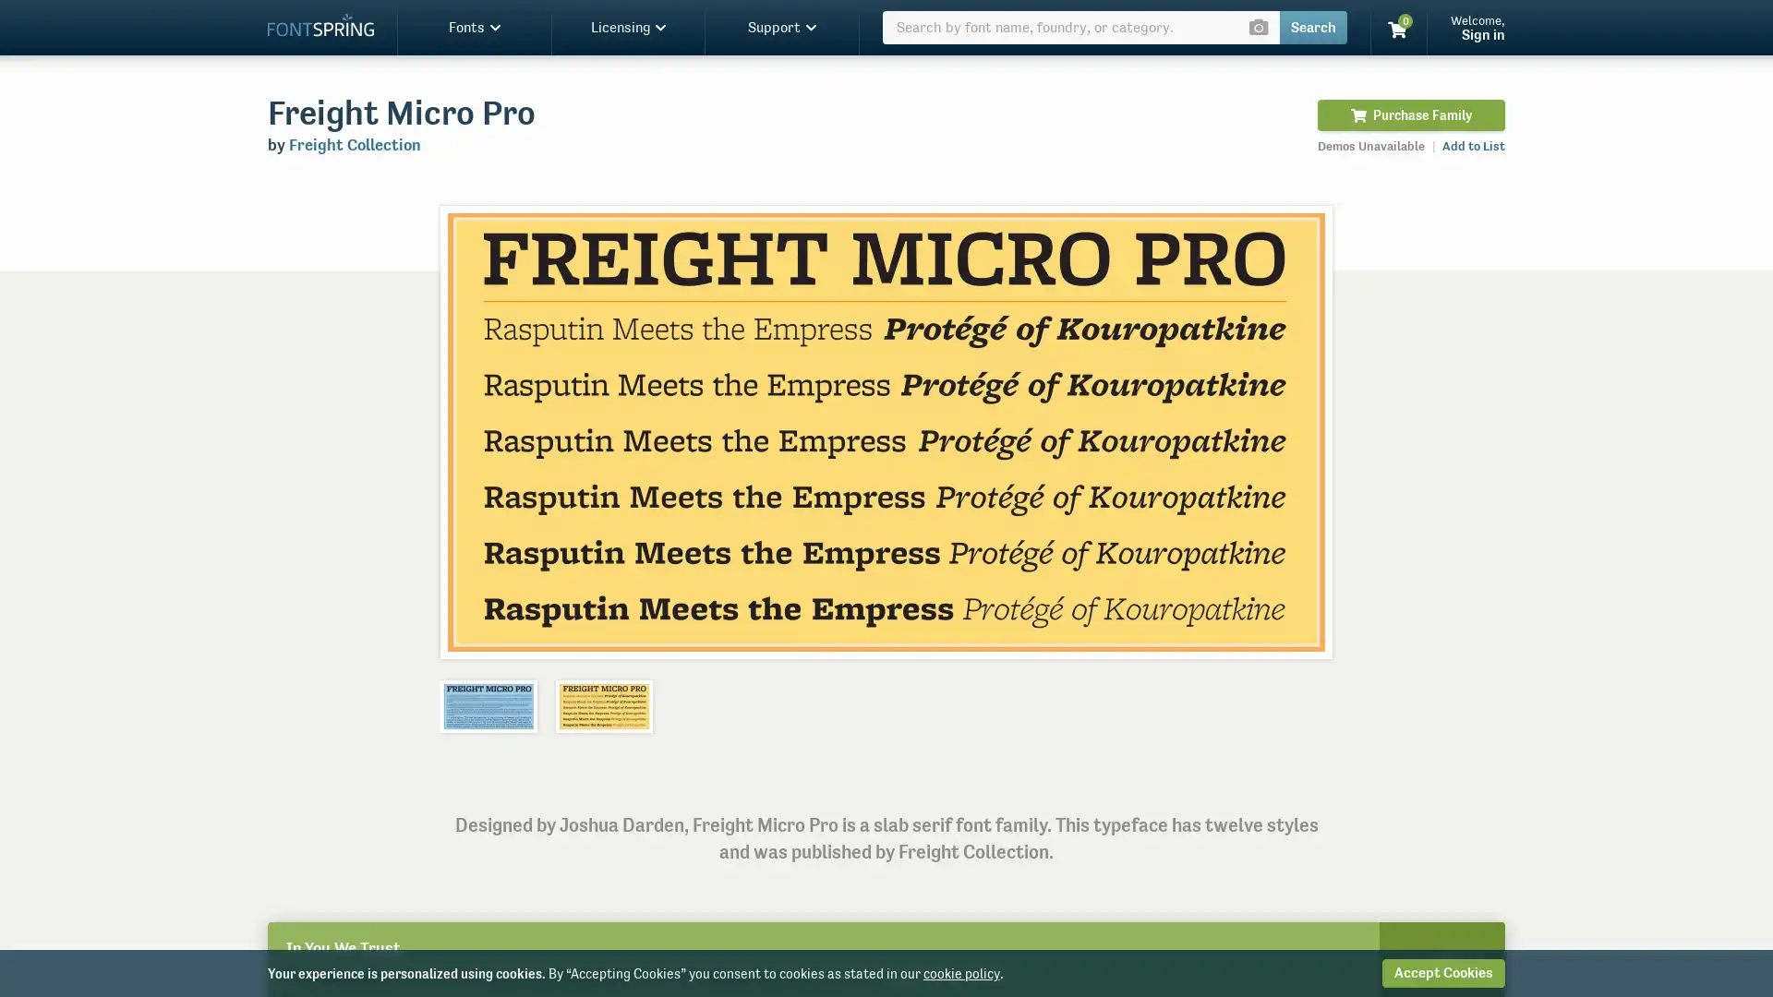  I want to click on Purchase Family, so click(1410, 114).